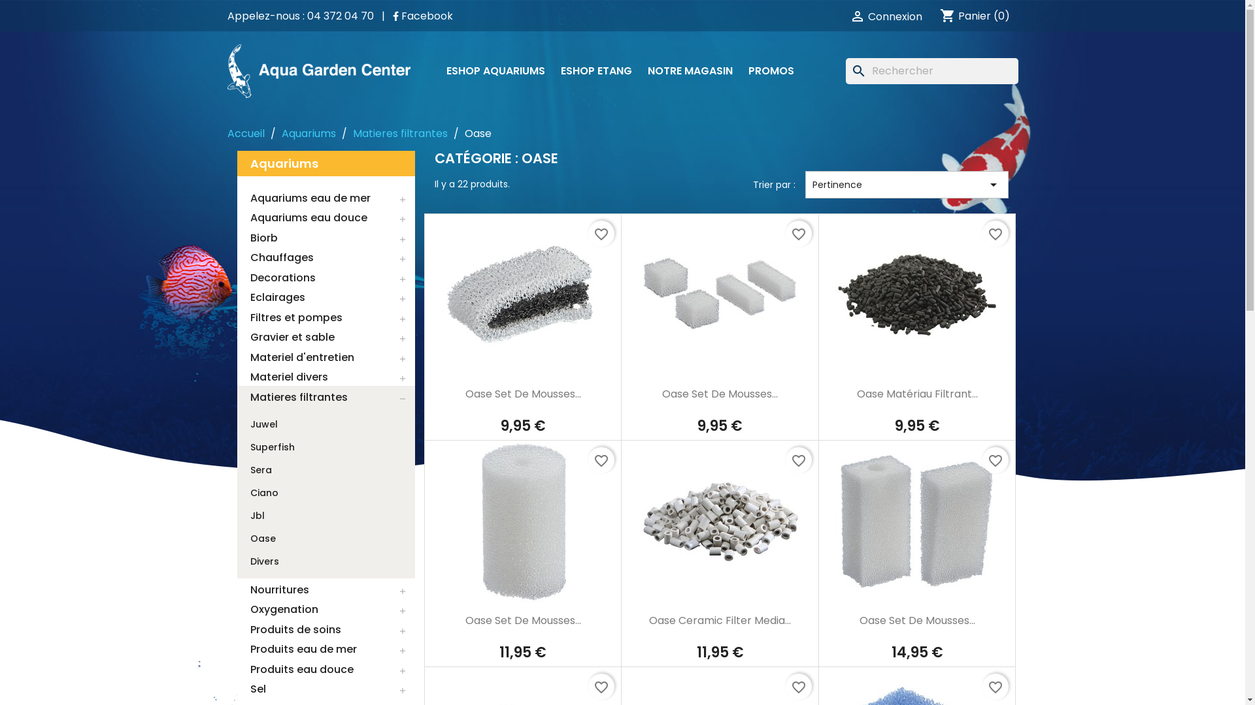 This screenshot has width=1255, height=705. What do you see at coordinates (326, 298) in the screenshot?
I see `'Eclairages'` at bounding box center [326, 298].